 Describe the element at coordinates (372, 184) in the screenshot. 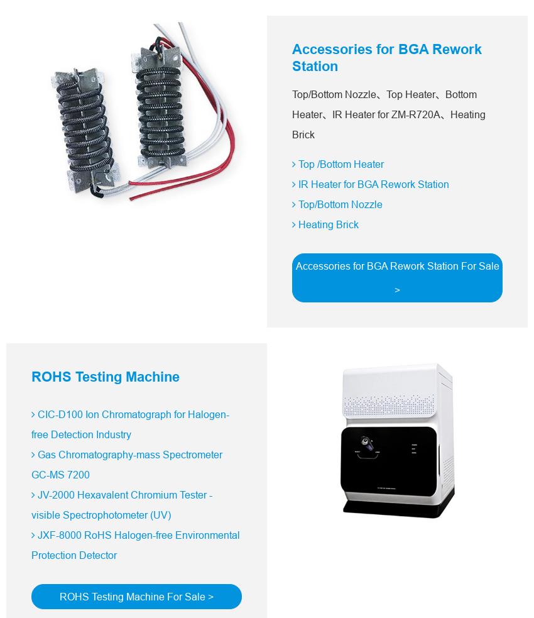

I see `'IR Heater for BGA Rework Station'` at that location.